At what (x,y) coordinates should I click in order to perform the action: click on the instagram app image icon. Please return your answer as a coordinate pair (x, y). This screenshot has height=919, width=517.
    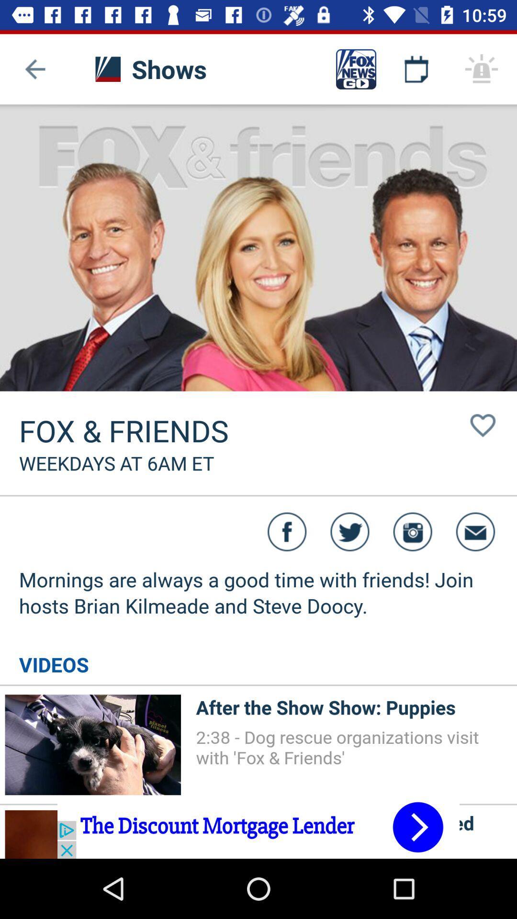
    Looking at the image, I should click on (412, 531).